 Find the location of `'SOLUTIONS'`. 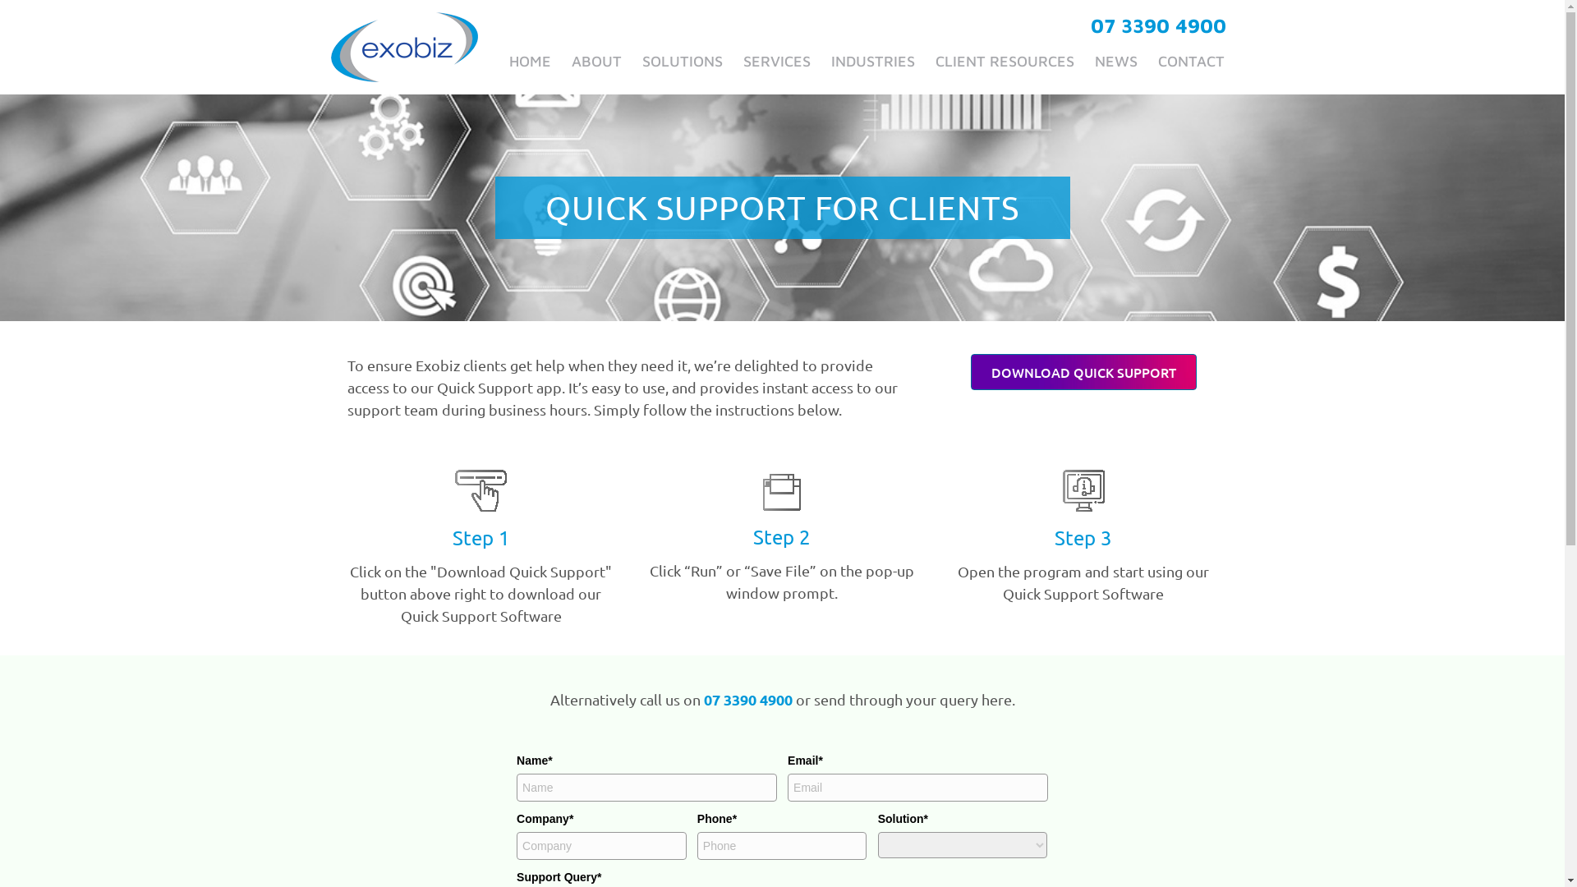

'SOLUTIONS' is located at coordinates (631, 60).